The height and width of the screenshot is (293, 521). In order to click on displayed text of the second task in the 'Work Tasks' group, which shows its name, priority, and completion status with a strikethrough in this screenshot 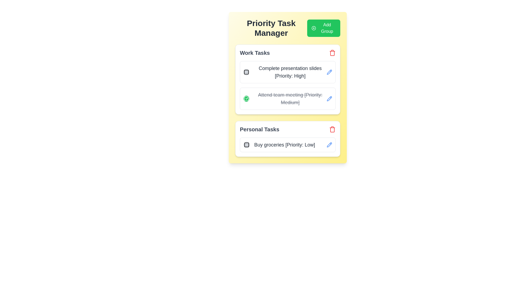, I will do `click(290, 98)`.